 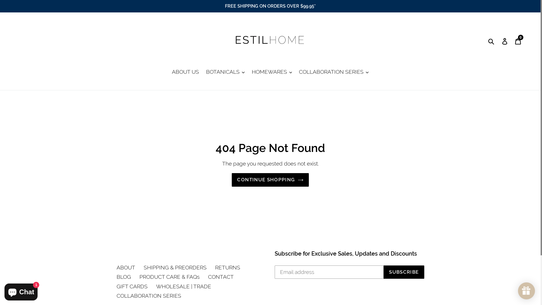 I want to click on 'RETURNS', so click(x=228, y=267).